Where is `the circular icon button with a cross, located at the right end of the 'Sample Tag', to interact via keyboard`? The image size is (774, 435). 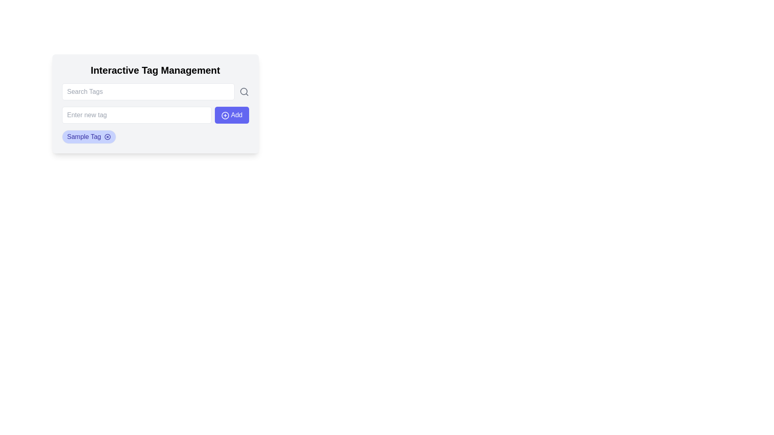
the circular icon button with a cross, located at the right end of the 'Sample Tag', to interact via keyboard is located at coordinates (107, 136).